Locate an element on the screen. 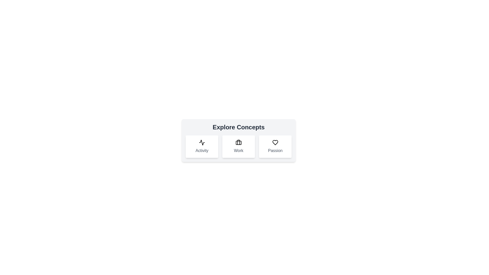 This screenshot has width=489, height=275. the selectable item with a briefcase icon and 'Work' label is located at coordinates (238, 146).